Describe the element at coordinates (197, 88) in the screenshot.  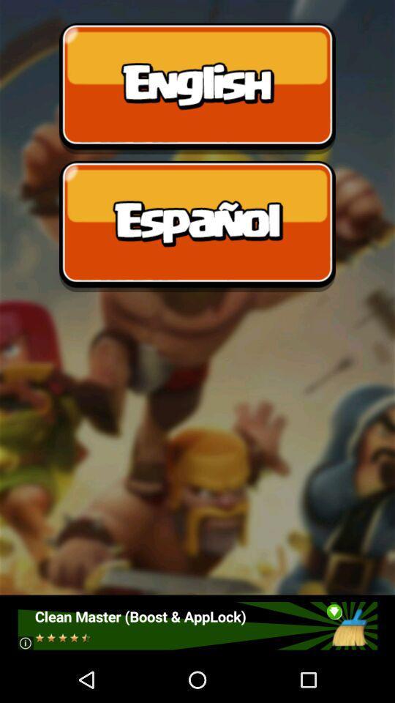
I see `click english` at that location.